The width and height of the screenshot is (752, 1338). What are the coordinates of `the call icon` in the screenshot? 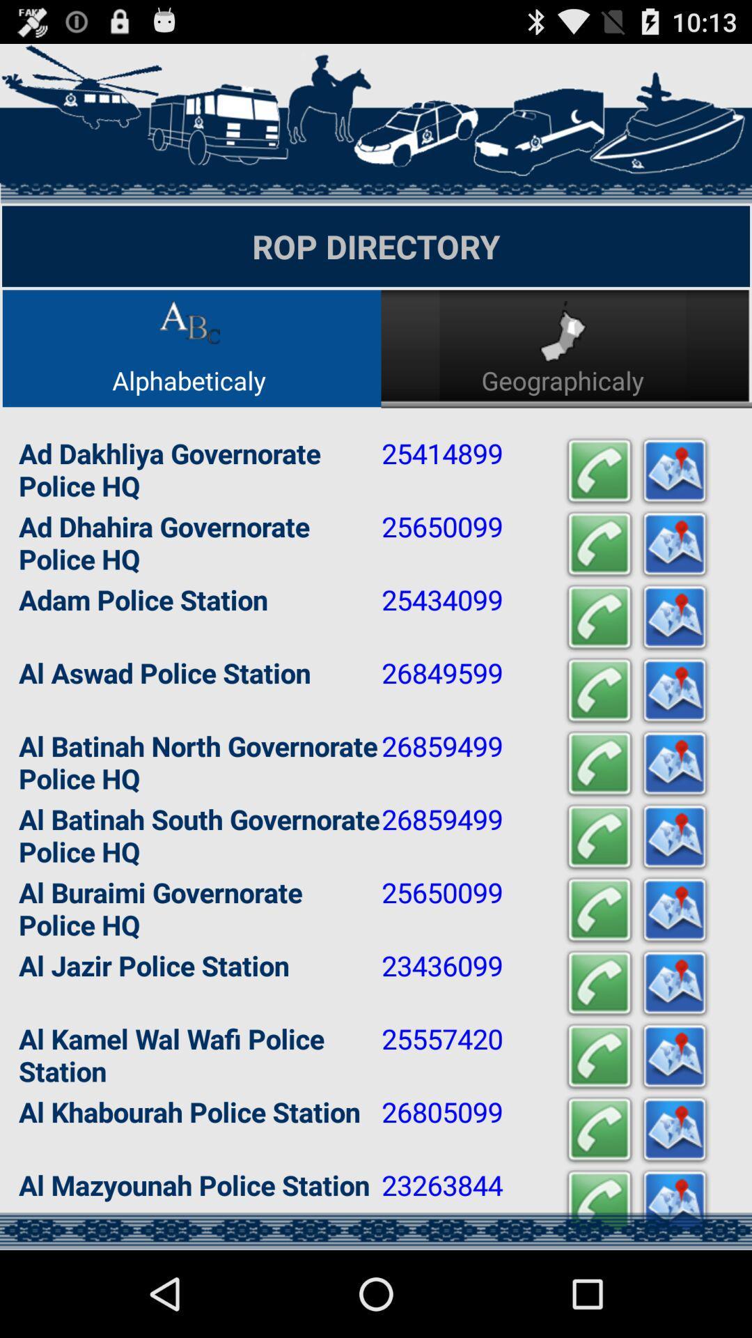 It's located at (598, 739).